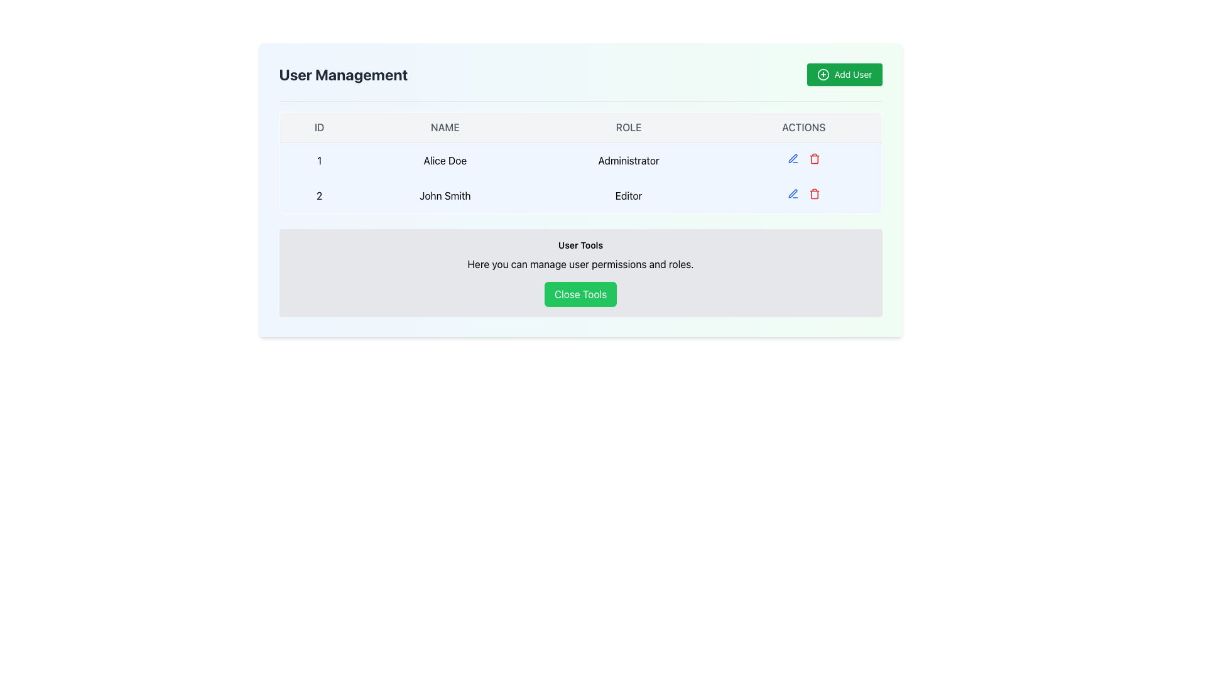 The width and height of the screenshot is (1206, 678). What do you see at coordinates (319, 196) in the screenshot?
I see `the bold black numeral '2' located in the 'ID' column of the second row of the table` at bounding box center [319, 196].